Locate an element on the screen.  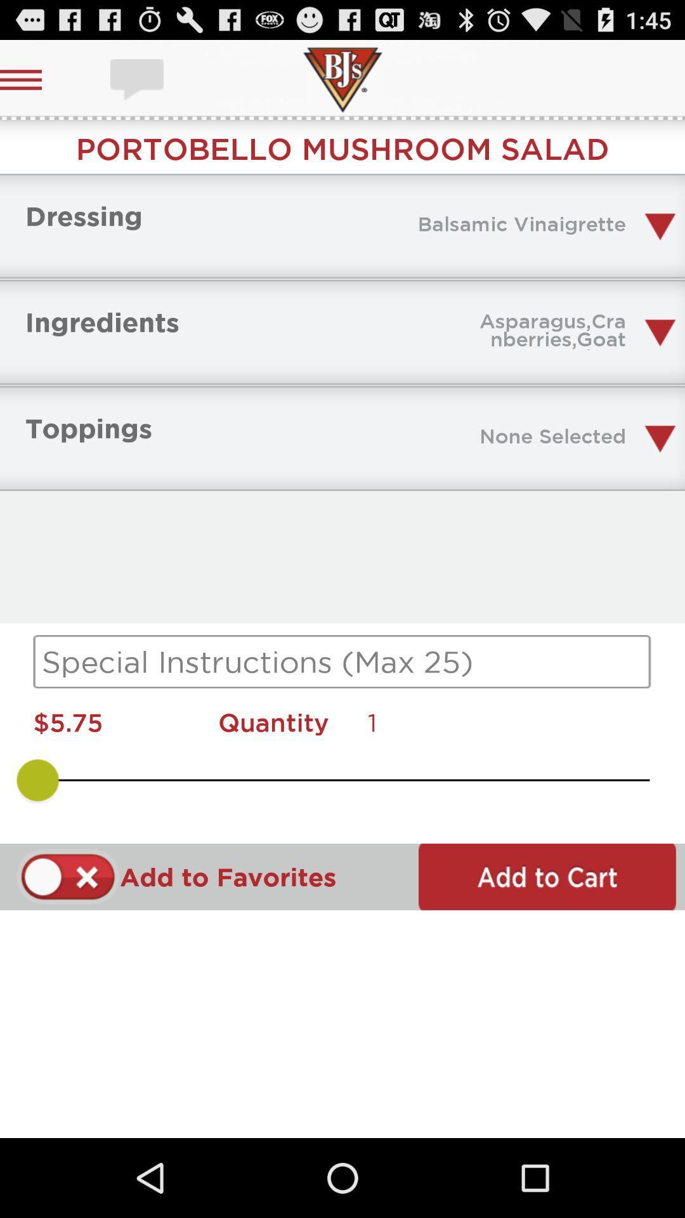
chat option is located at coordinates (138, 79).